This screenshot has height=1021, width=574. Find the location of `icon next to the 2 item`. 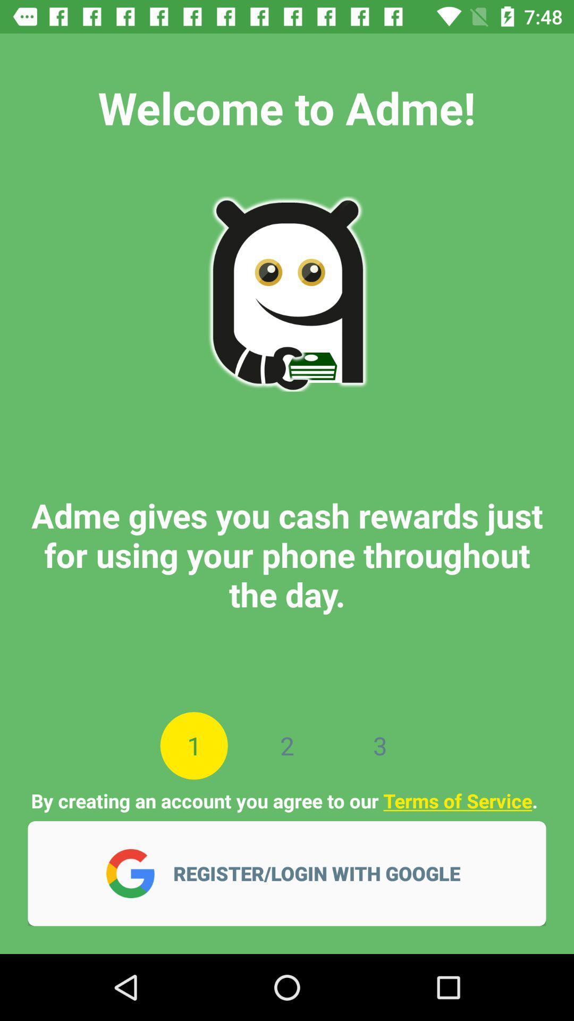

icon next to the 2 item is located at coordinates (194, 745).